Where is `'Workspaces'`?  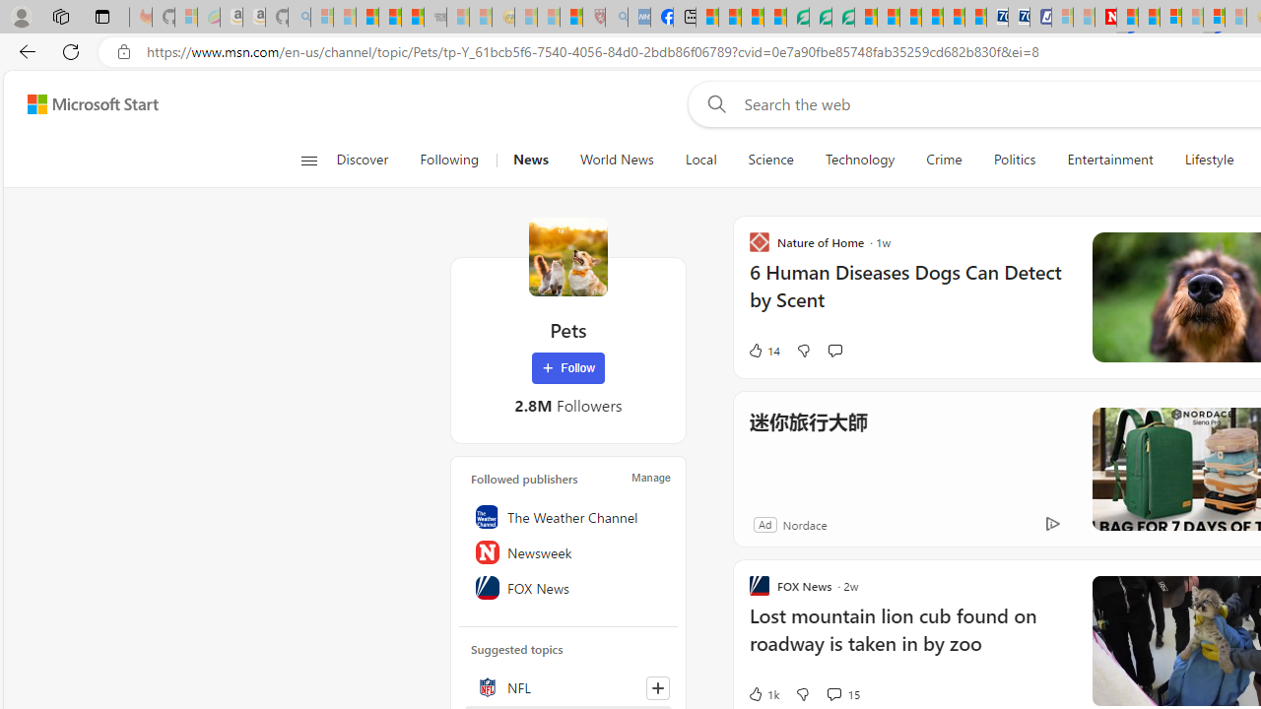 'Workspaces' is located at coordinates (60, 16).